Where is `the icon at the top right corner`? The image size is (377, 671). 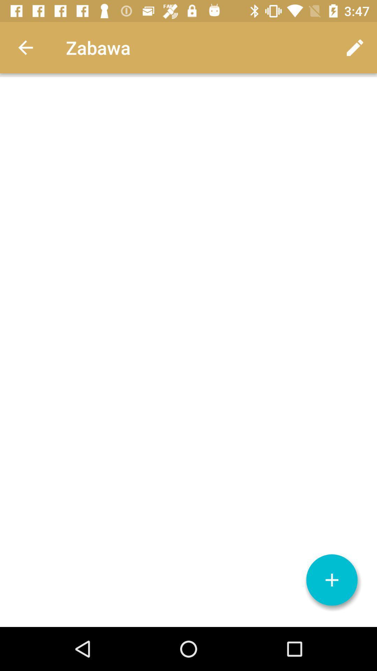
the icon at the top right corner is located at coordinates (355, 47).